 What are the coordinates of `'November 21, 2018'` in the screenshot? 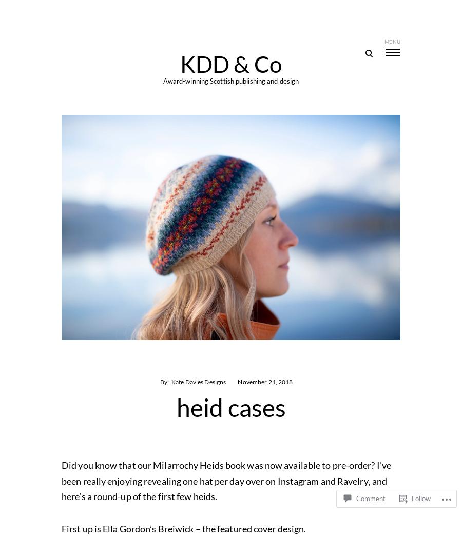 It's located at (237, 381).